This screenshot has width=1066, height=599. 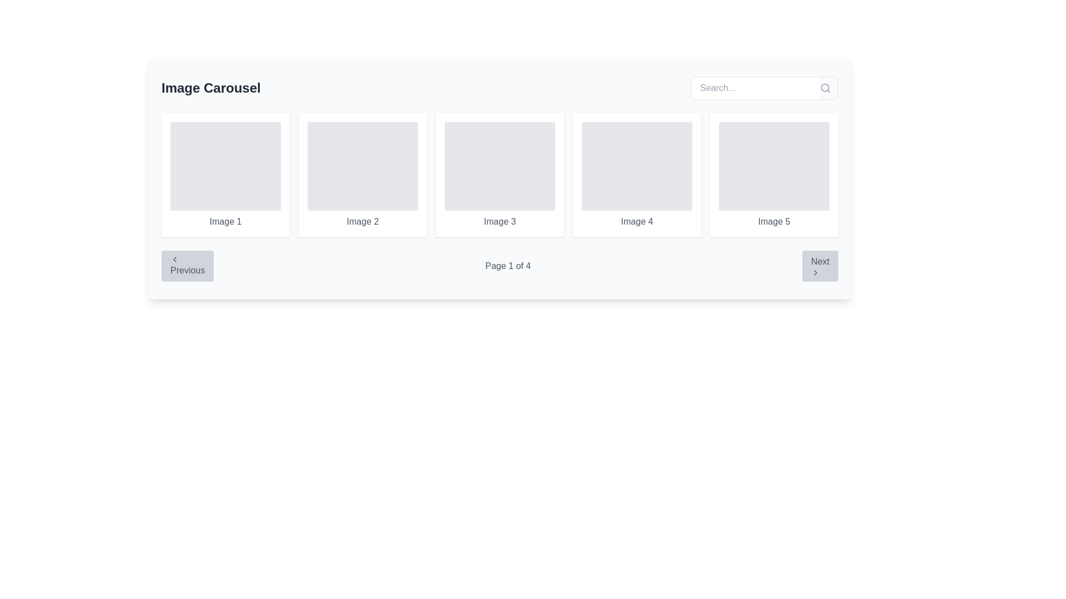 I want to click on the static text that serves as an identifier for the corresponding image within the fourth card in a horizontally aligned list of similar cards, so click(x=637, y=222).